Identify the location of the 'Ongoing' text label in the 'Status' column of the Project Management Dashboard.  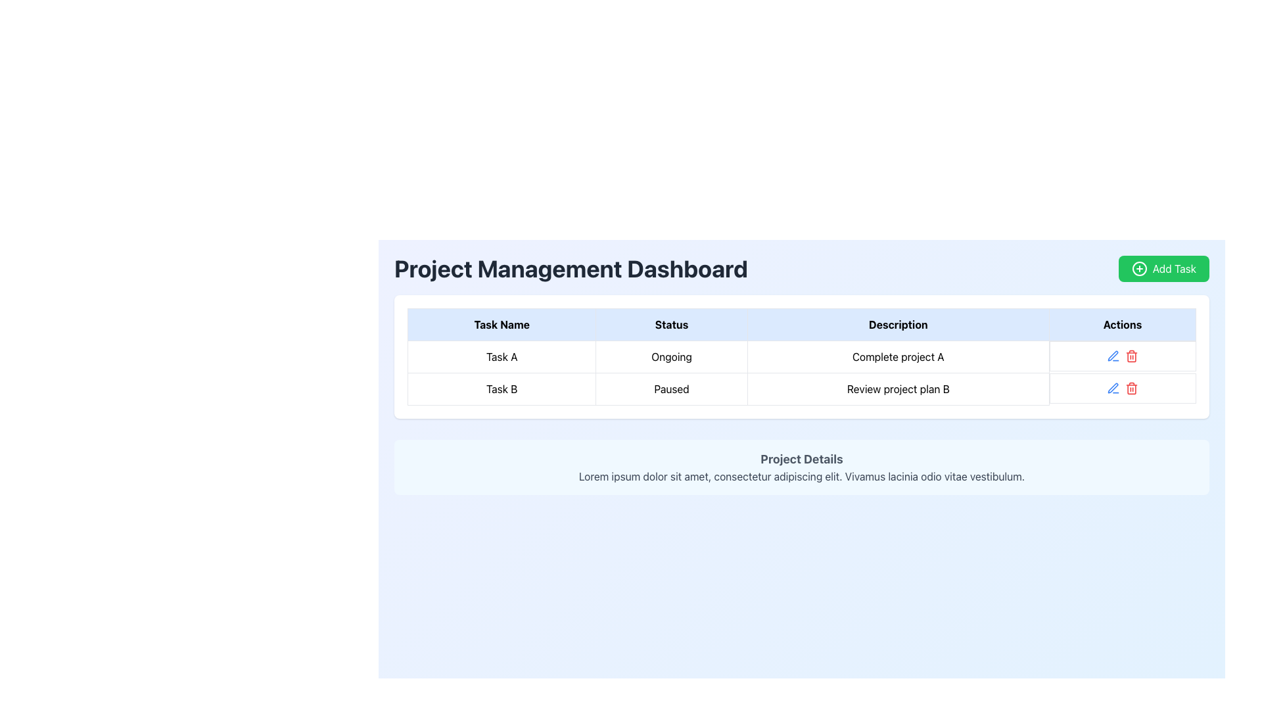
(672, 357).